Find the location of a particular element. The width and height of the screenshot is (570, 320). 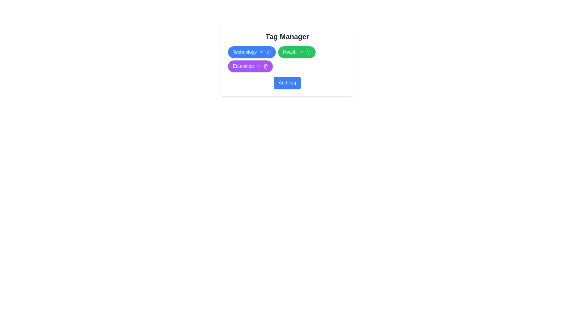

the tag with the text Technology by clicking the trash icon next to it is located at coordinates (268, 52).